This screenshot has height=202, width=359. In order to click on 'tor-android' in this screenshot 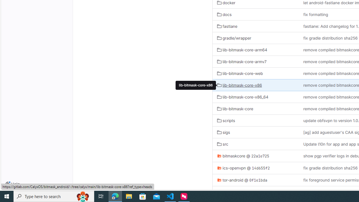, I will do `click(230, 180)`.